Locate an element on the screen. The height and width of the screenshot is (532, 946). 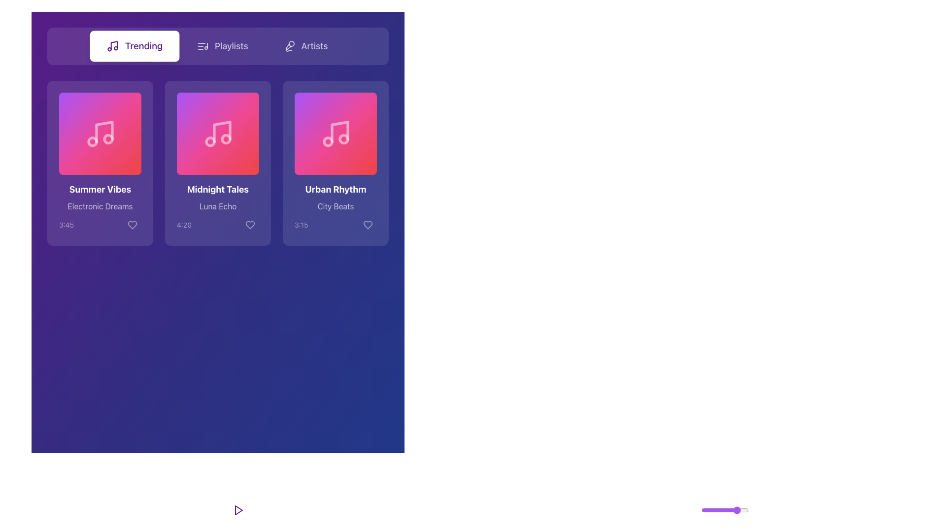
the slider is located at coordinates (711, 510).